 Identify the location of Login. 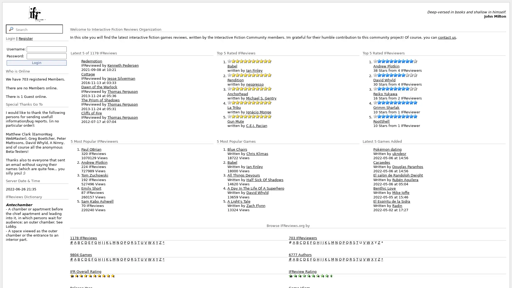
(36, 62).